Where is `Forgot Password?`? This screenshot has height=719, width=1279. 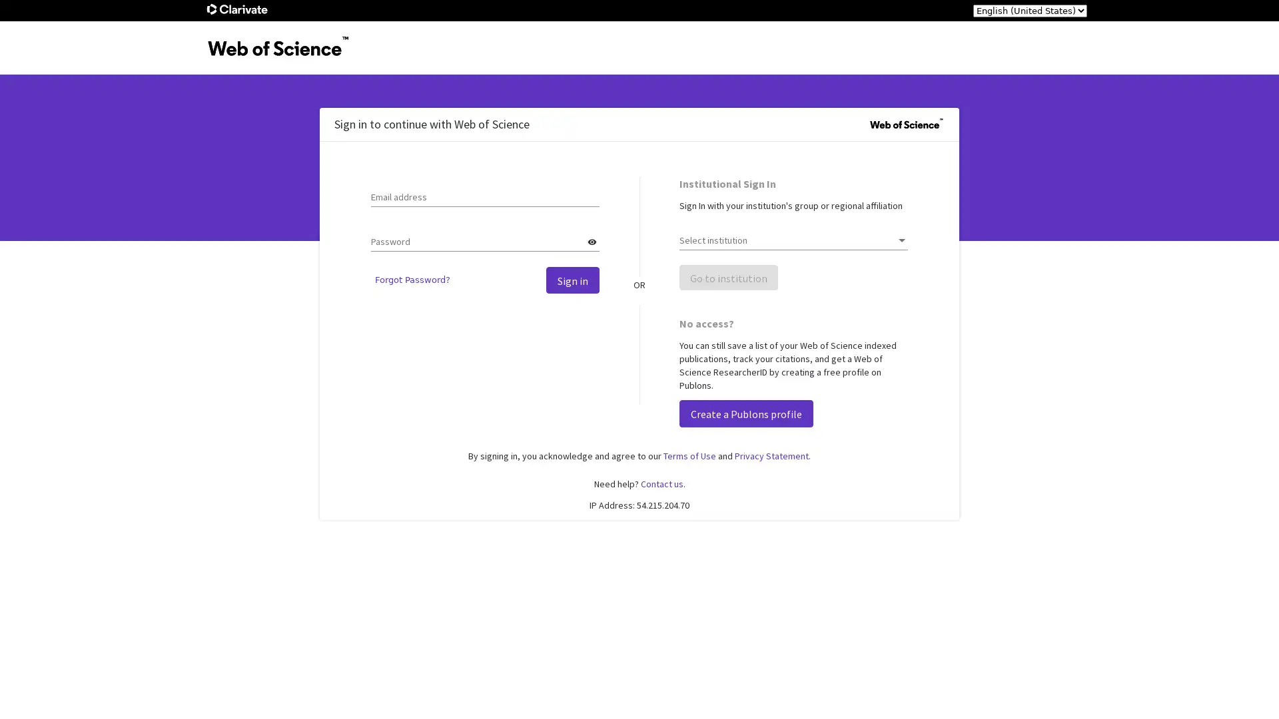
Forgot Password? is located at coordinates (411, 279).